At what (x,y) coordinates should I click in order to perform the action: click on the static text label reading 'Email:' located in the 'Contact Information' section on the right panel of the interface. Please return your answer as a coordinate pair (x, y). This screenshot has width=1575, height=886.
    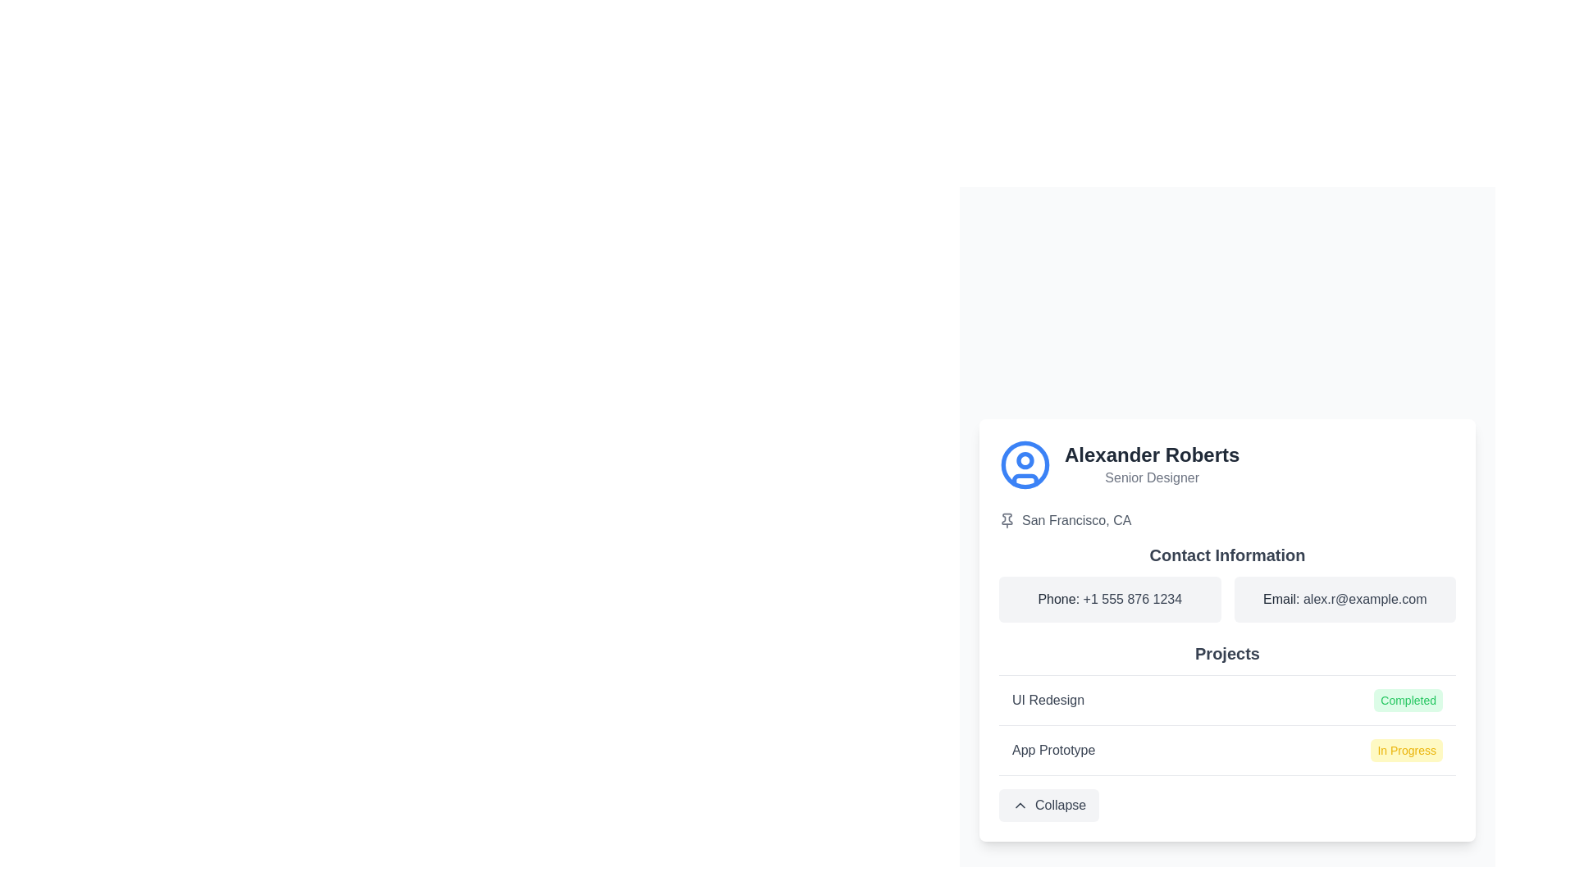
    Looking at the image, I should click on (1282, 598).